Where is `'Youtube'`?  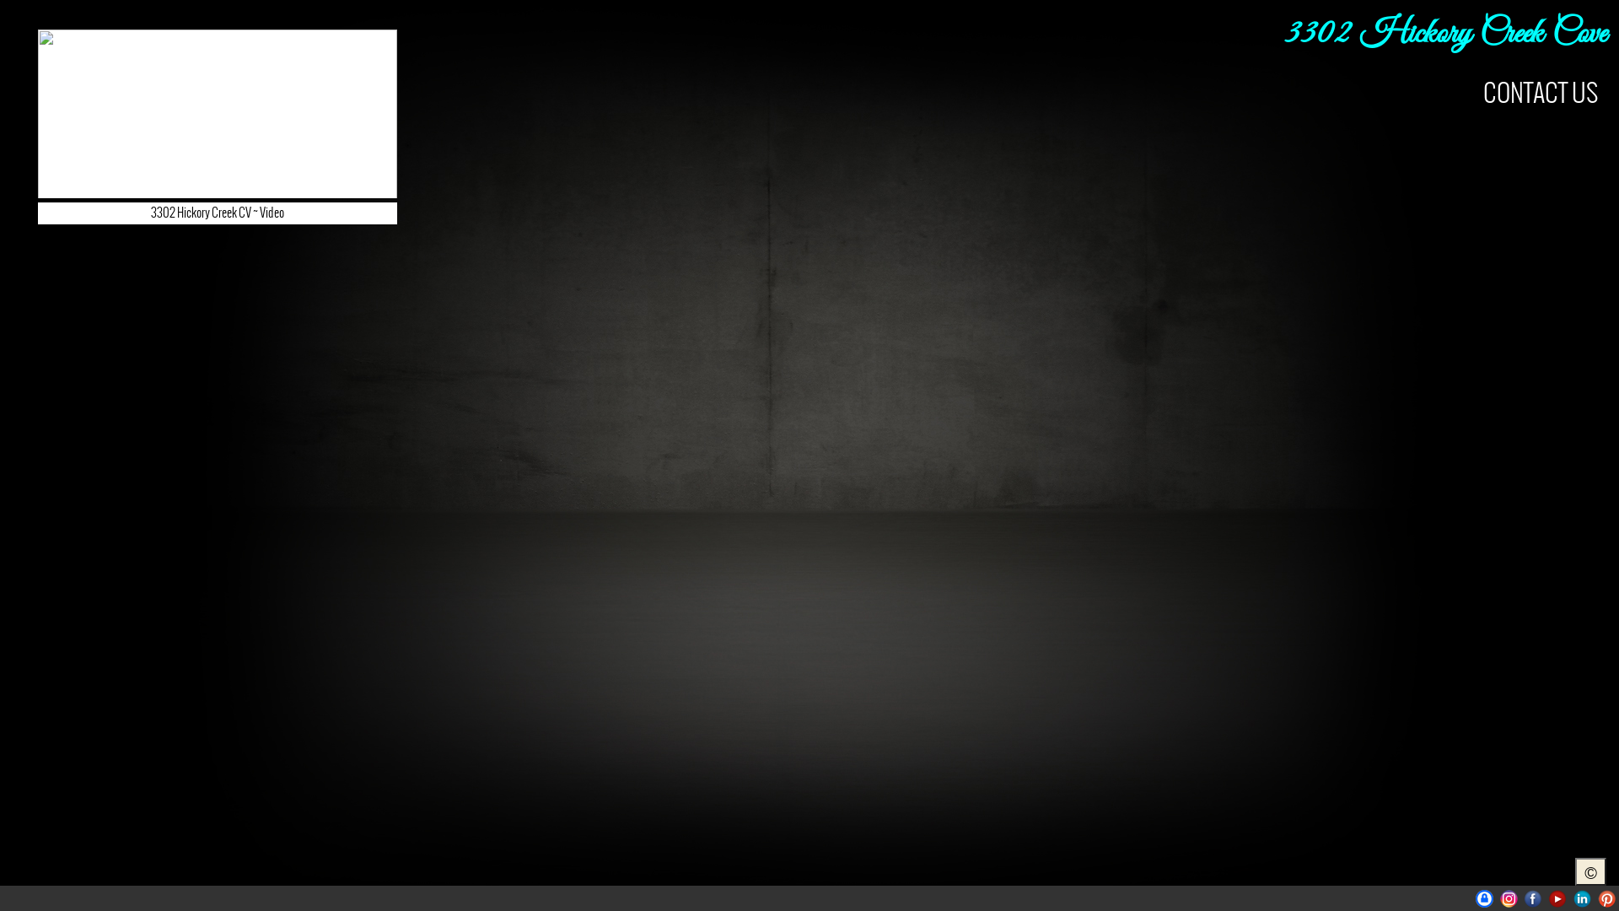
'Youtube' is located at coordinates (1557, 898).